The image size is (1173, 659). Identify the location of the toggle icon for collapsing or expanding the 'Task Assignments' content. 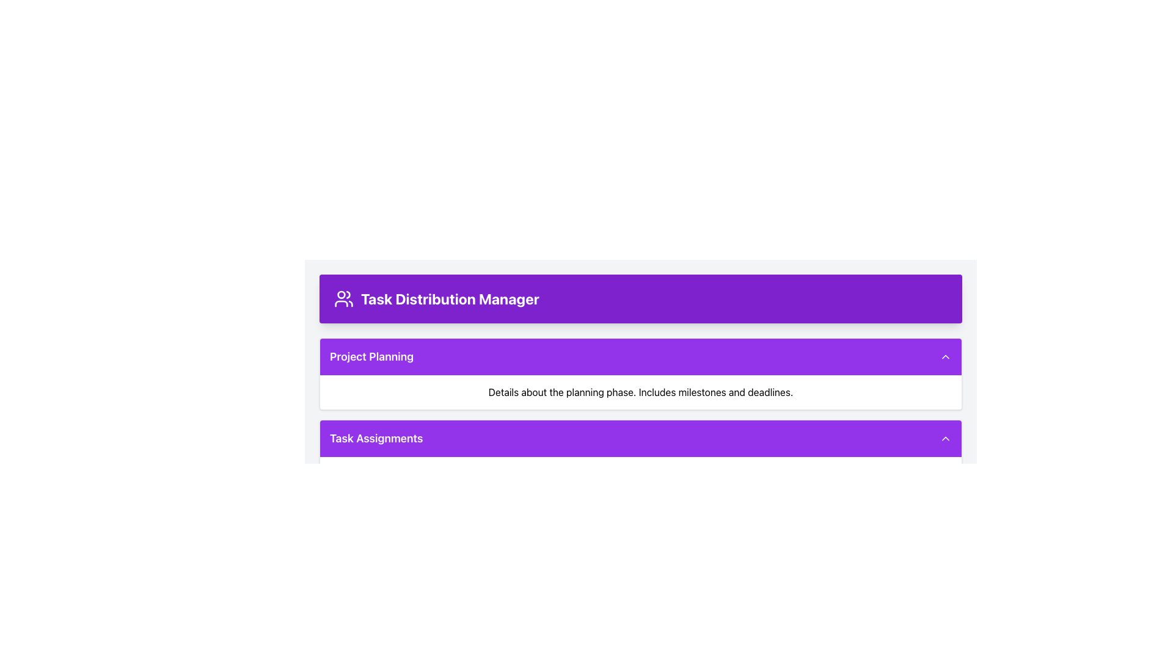
(945, 438).